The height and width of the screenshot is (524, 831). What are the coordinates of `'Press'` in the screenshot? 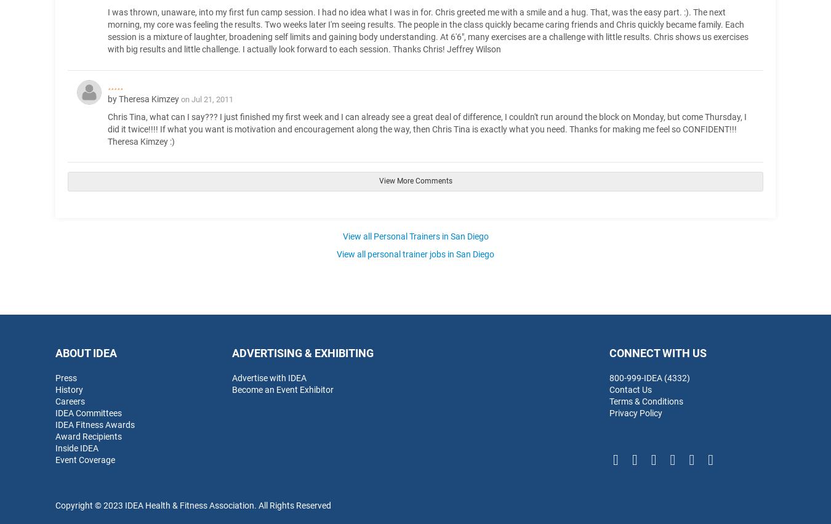 It's located at (65, 377).